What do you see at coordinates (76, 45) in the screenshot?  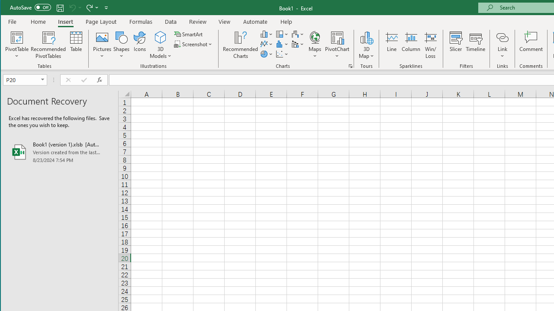 I see `'Table'` at bounding box center [76, 45].